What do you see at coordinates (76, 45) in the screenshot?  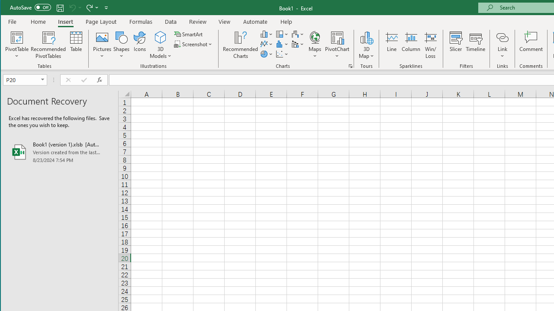 I see `'Table'` at bounding box center [76, 45].